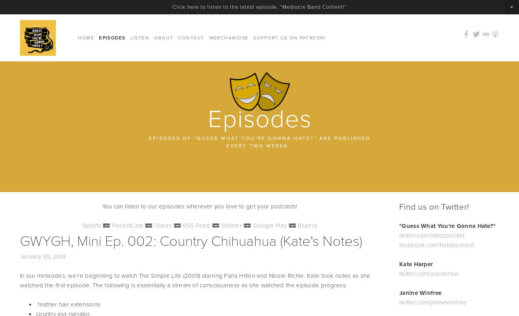 The width and height of the screenshot is (519, 316). I want to click on 'Click here to listen to the latest episode, “Mediocre Band Content!”', so click(259, 6).